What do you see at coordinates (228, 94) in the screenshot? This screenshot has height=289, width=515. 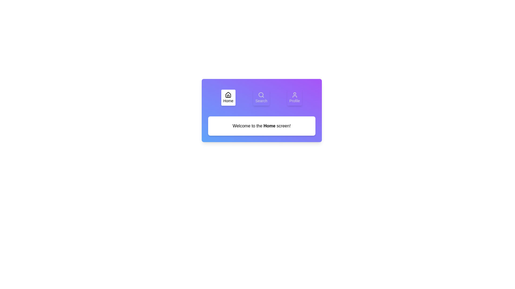 I see `the navigation icon located in the first position among three icons` at bounding box center [228, 94].